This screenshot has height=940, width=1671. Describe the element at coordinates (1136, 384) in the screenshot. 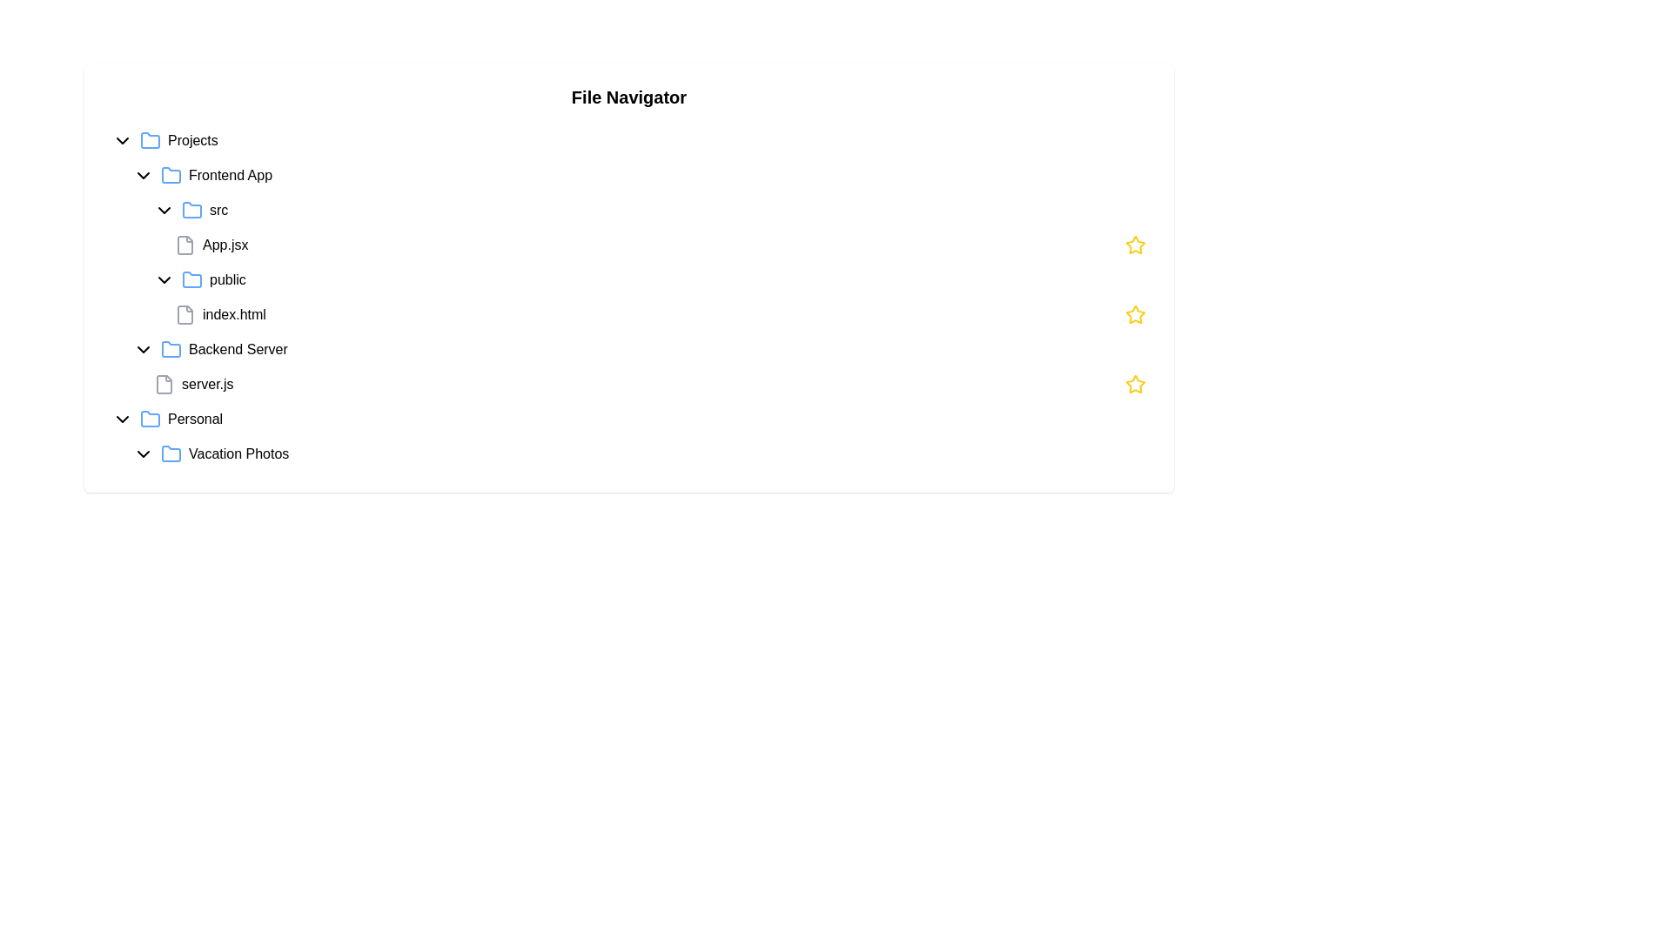

I see `the star icon located at the far right side of the row near the text 'server.js'` at that location.